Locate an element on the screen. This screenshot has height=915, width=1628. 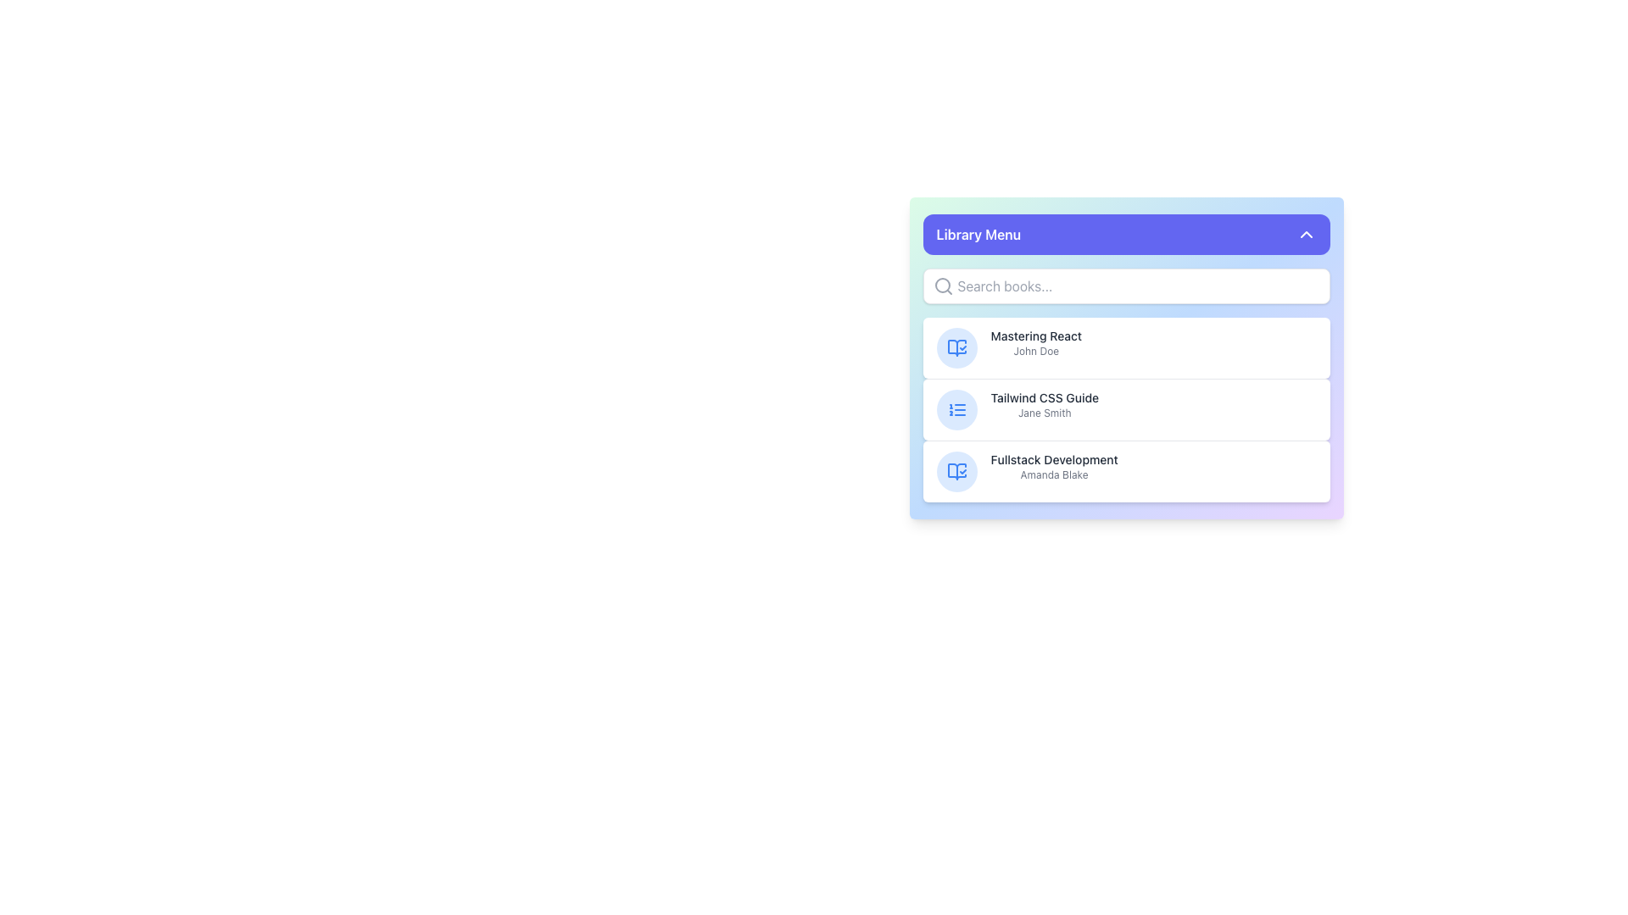
the second list item labeled 'Tailwind CSS Guide' in the 'Library Menu' which is located between 'Mastering React' and 'Fullstack Development' is located at coordinates (1126, 385).